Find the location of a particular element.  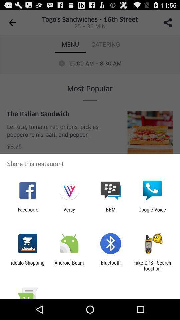

the item to the left of android beam icon is located at coordinates (27, 265).